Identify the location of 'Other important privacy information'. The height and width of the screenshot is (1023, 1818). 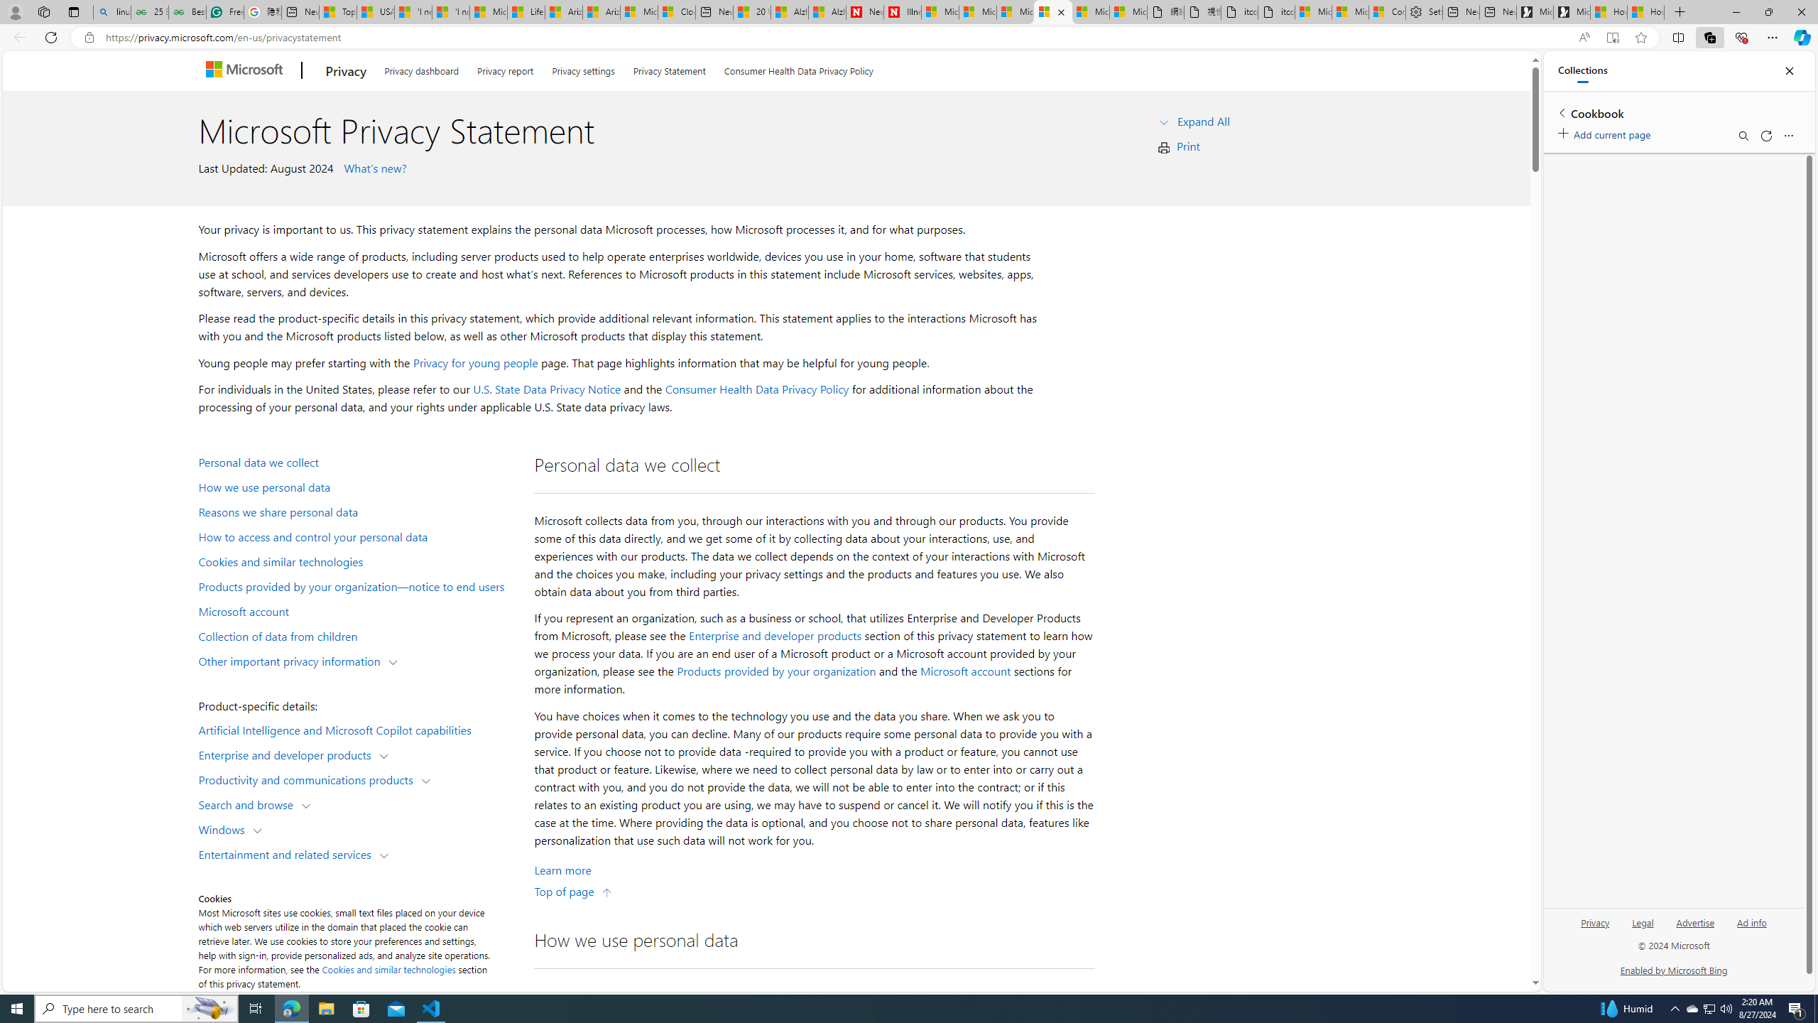
(292, 659).